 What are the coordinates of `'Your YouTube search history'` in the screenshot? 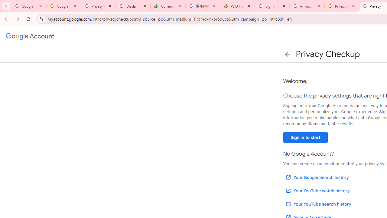 It's located at (318, 204).